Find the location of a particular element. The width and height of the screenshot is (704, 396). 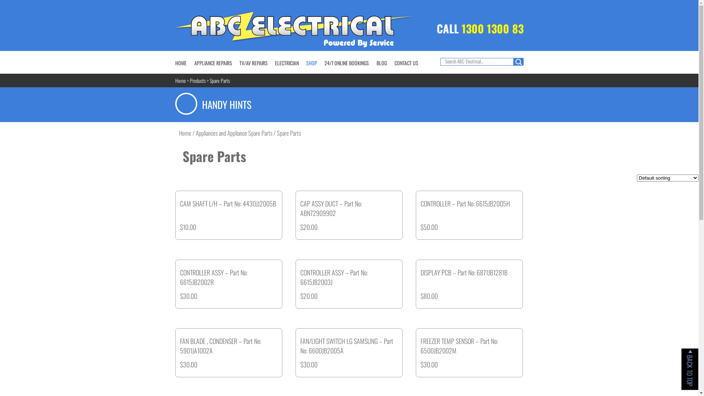

'TV/AV REPAIRS' is located at coordinates (239, 62).